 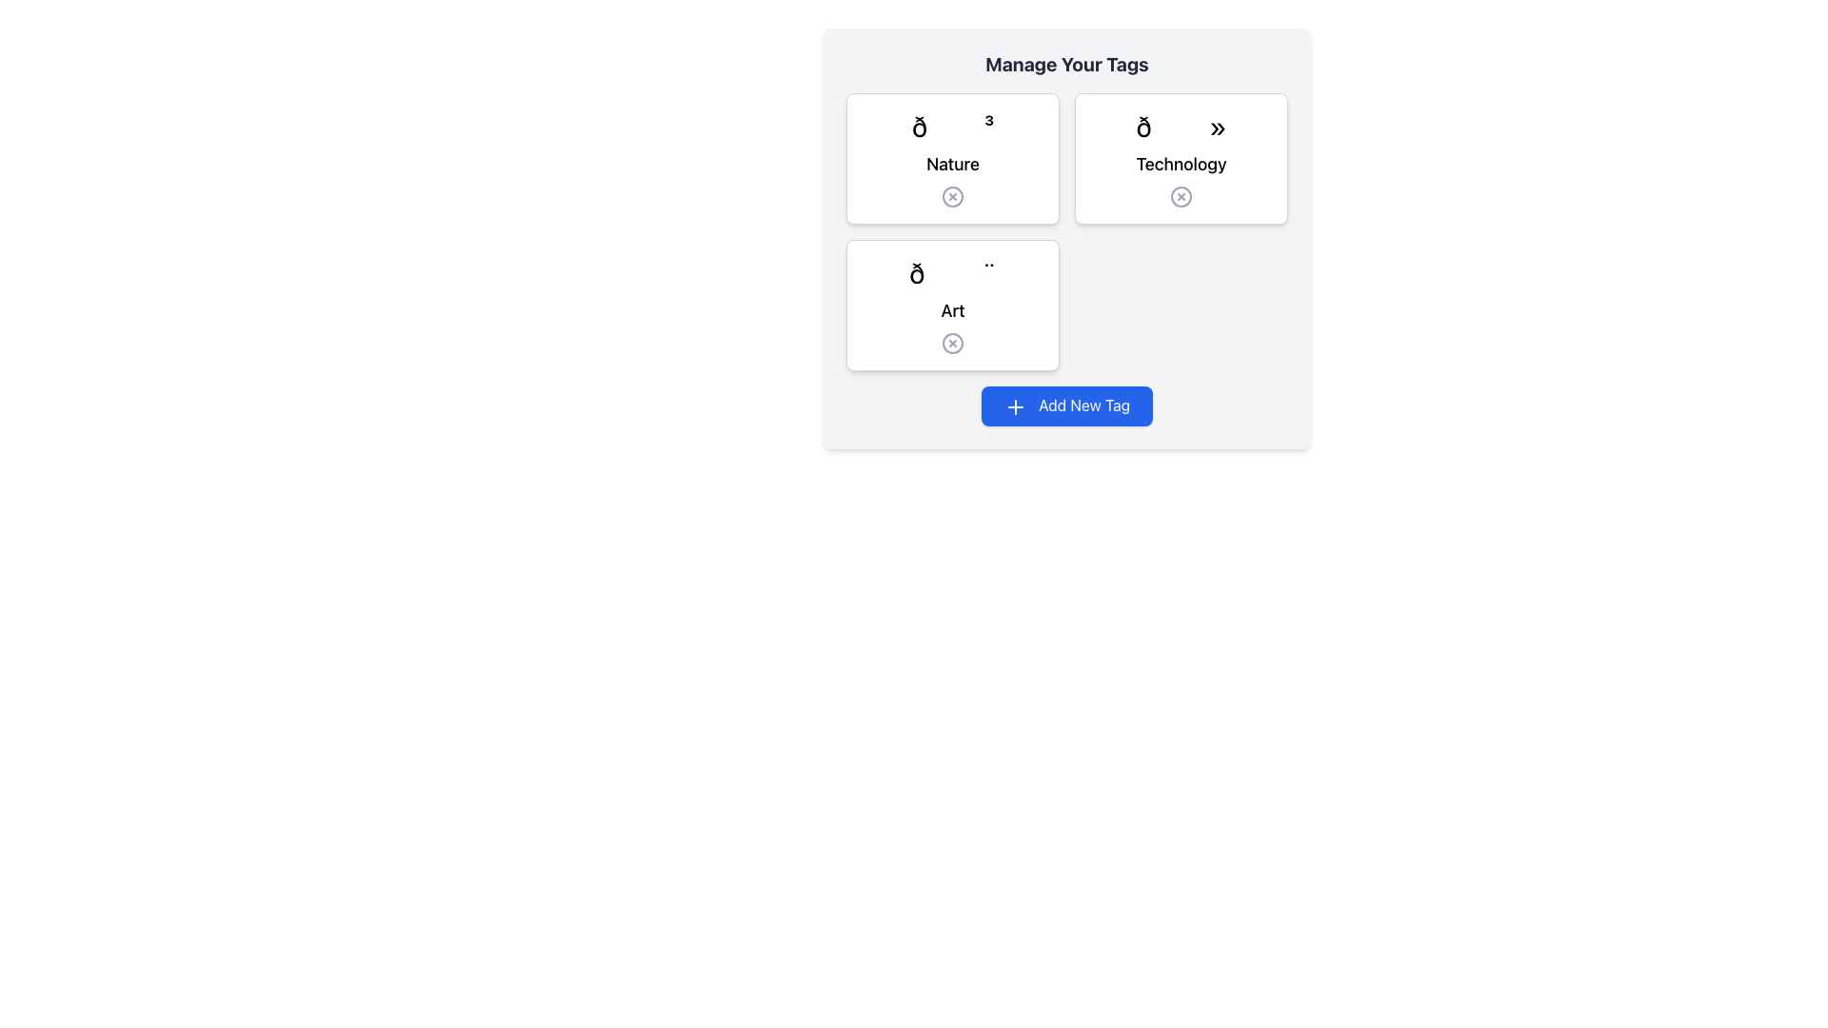 I want to click on the text label located centrally within the bottom section of the rectangular card group, which appears directly below the emoji-like icon and above a small action button, so click(x=953, y=310).